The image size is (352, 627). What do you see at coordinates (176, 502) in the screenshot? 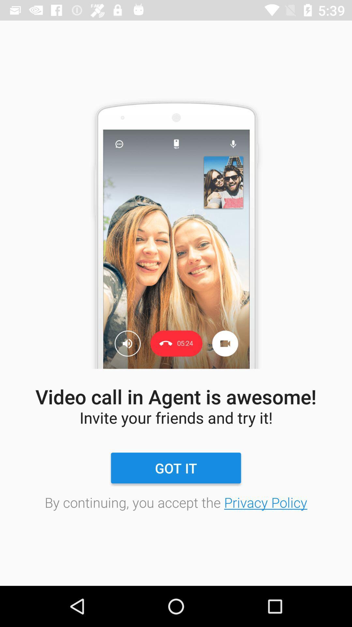
I see `the icon below the got it icon` at bounding box center [176, 502].